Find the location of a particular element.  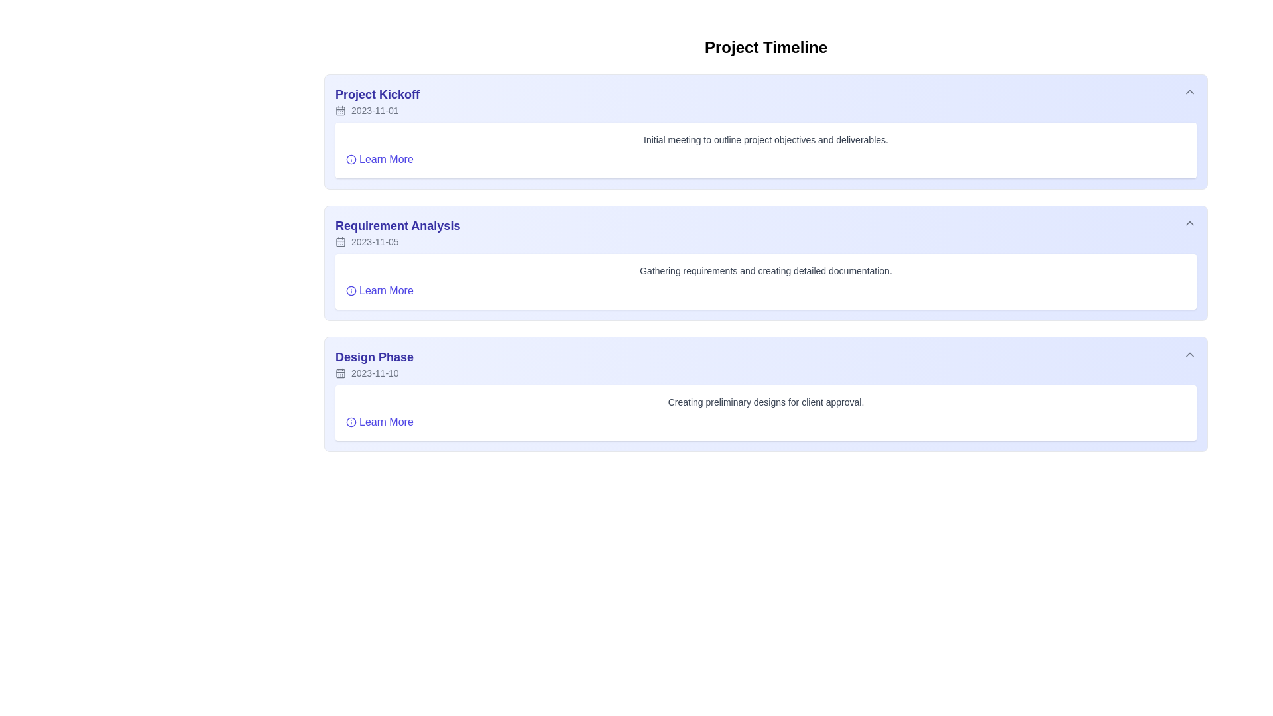

the static text label that reads 'Initial meeting to outline project objectives and deliverables' in a small gray font, located centrally within the first card of the 'Project Kickoff' timeline section is located at coordinates (766, 140).